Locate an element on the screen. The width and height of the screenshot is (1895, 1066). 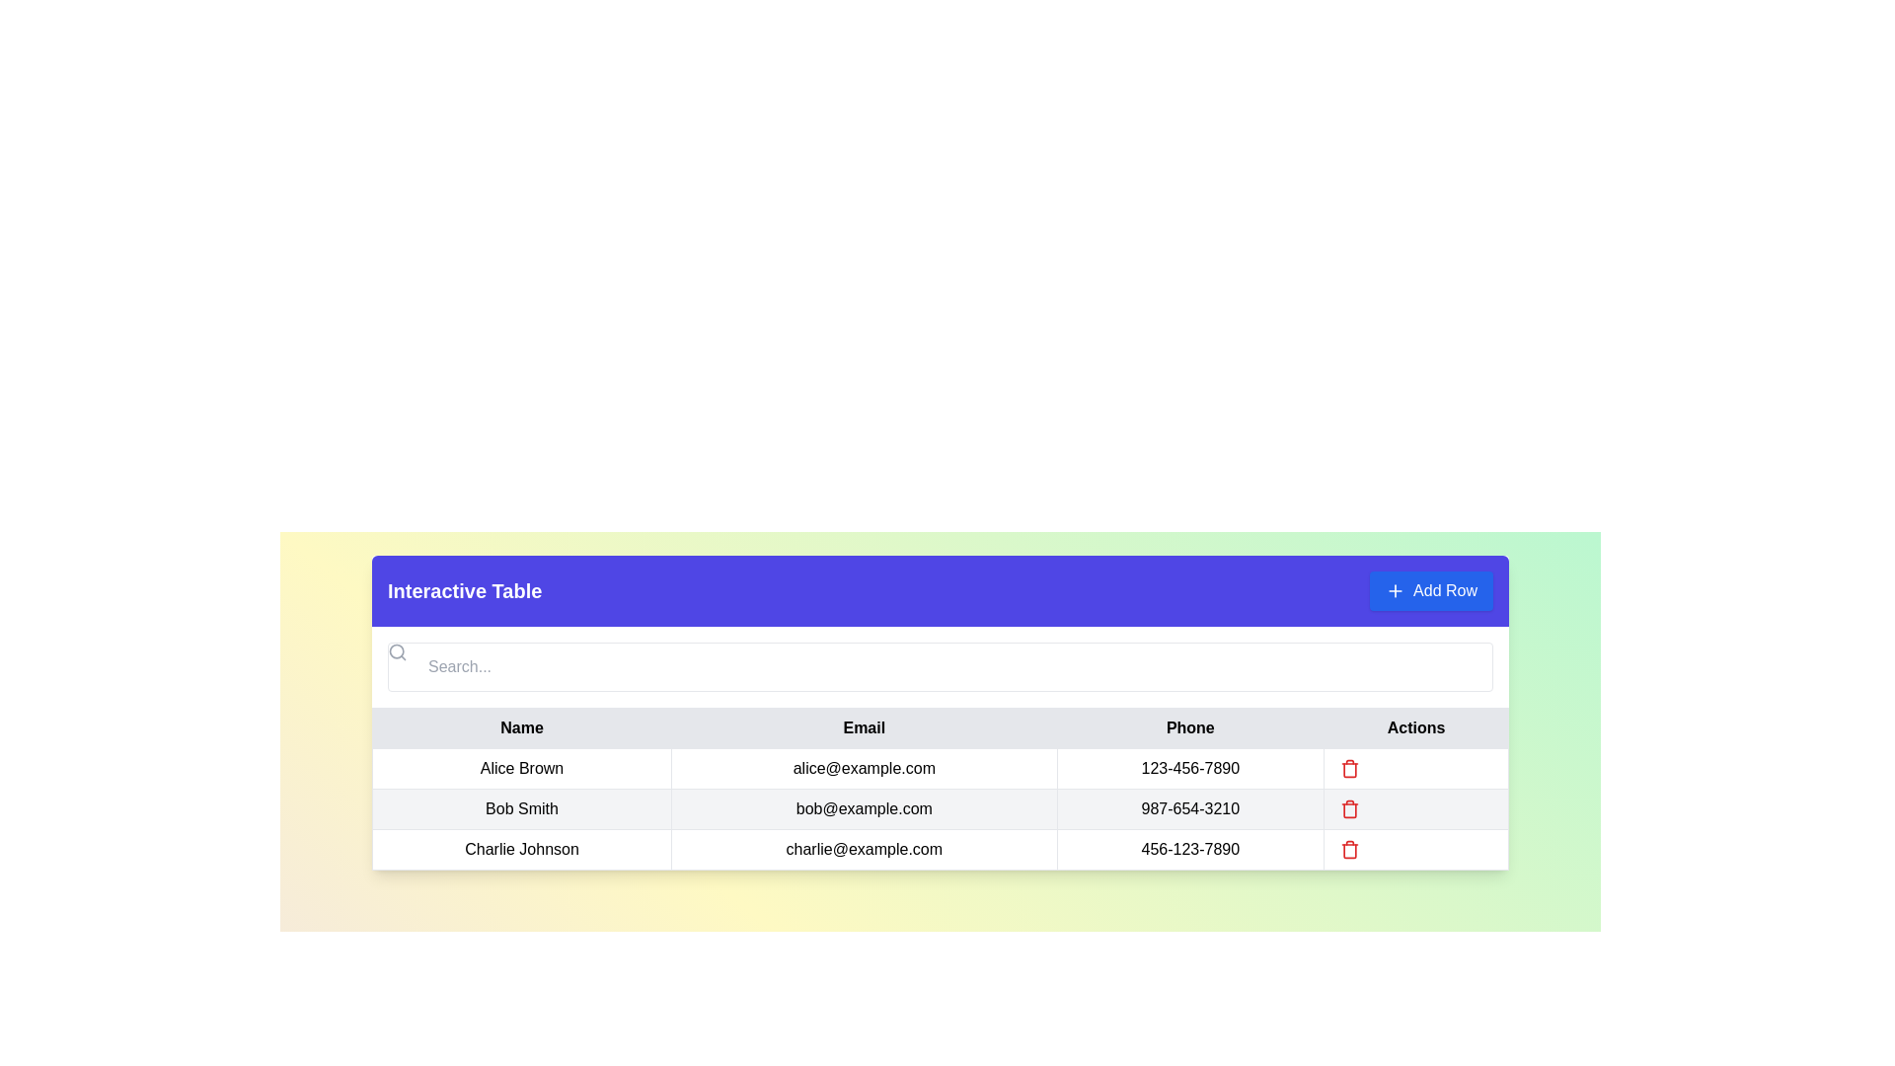
the Text display node showing the phone number for 'Bob Smith' in the third cell of the structured table is located at coordinates (1189, 809).